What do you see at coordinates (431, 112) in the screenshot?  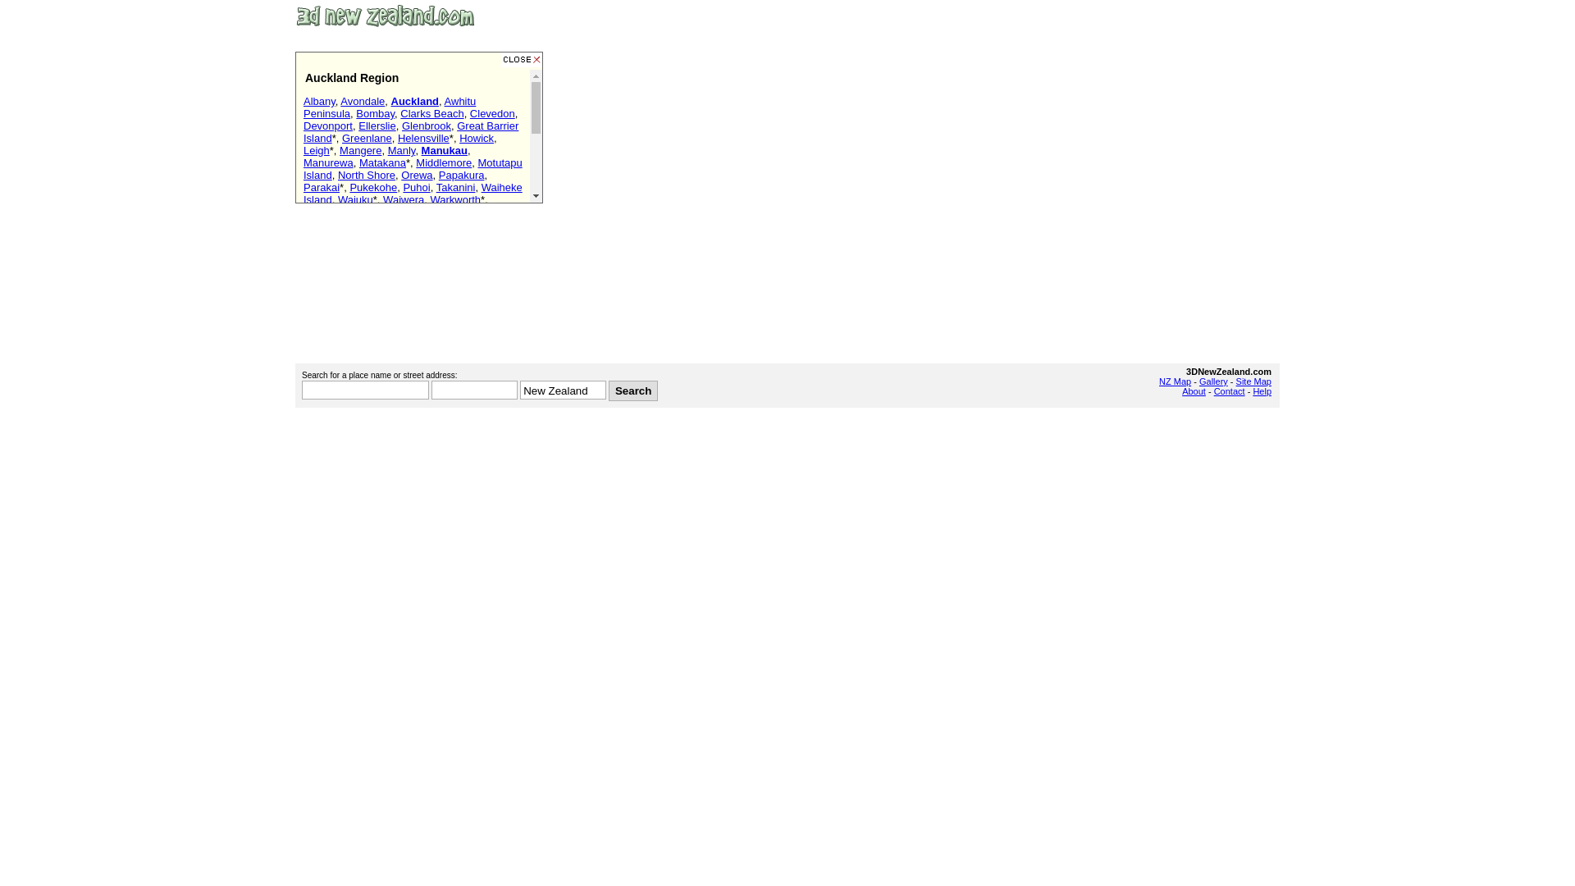 I see `'Clarks Beach'` at bounding box center [431, 112].